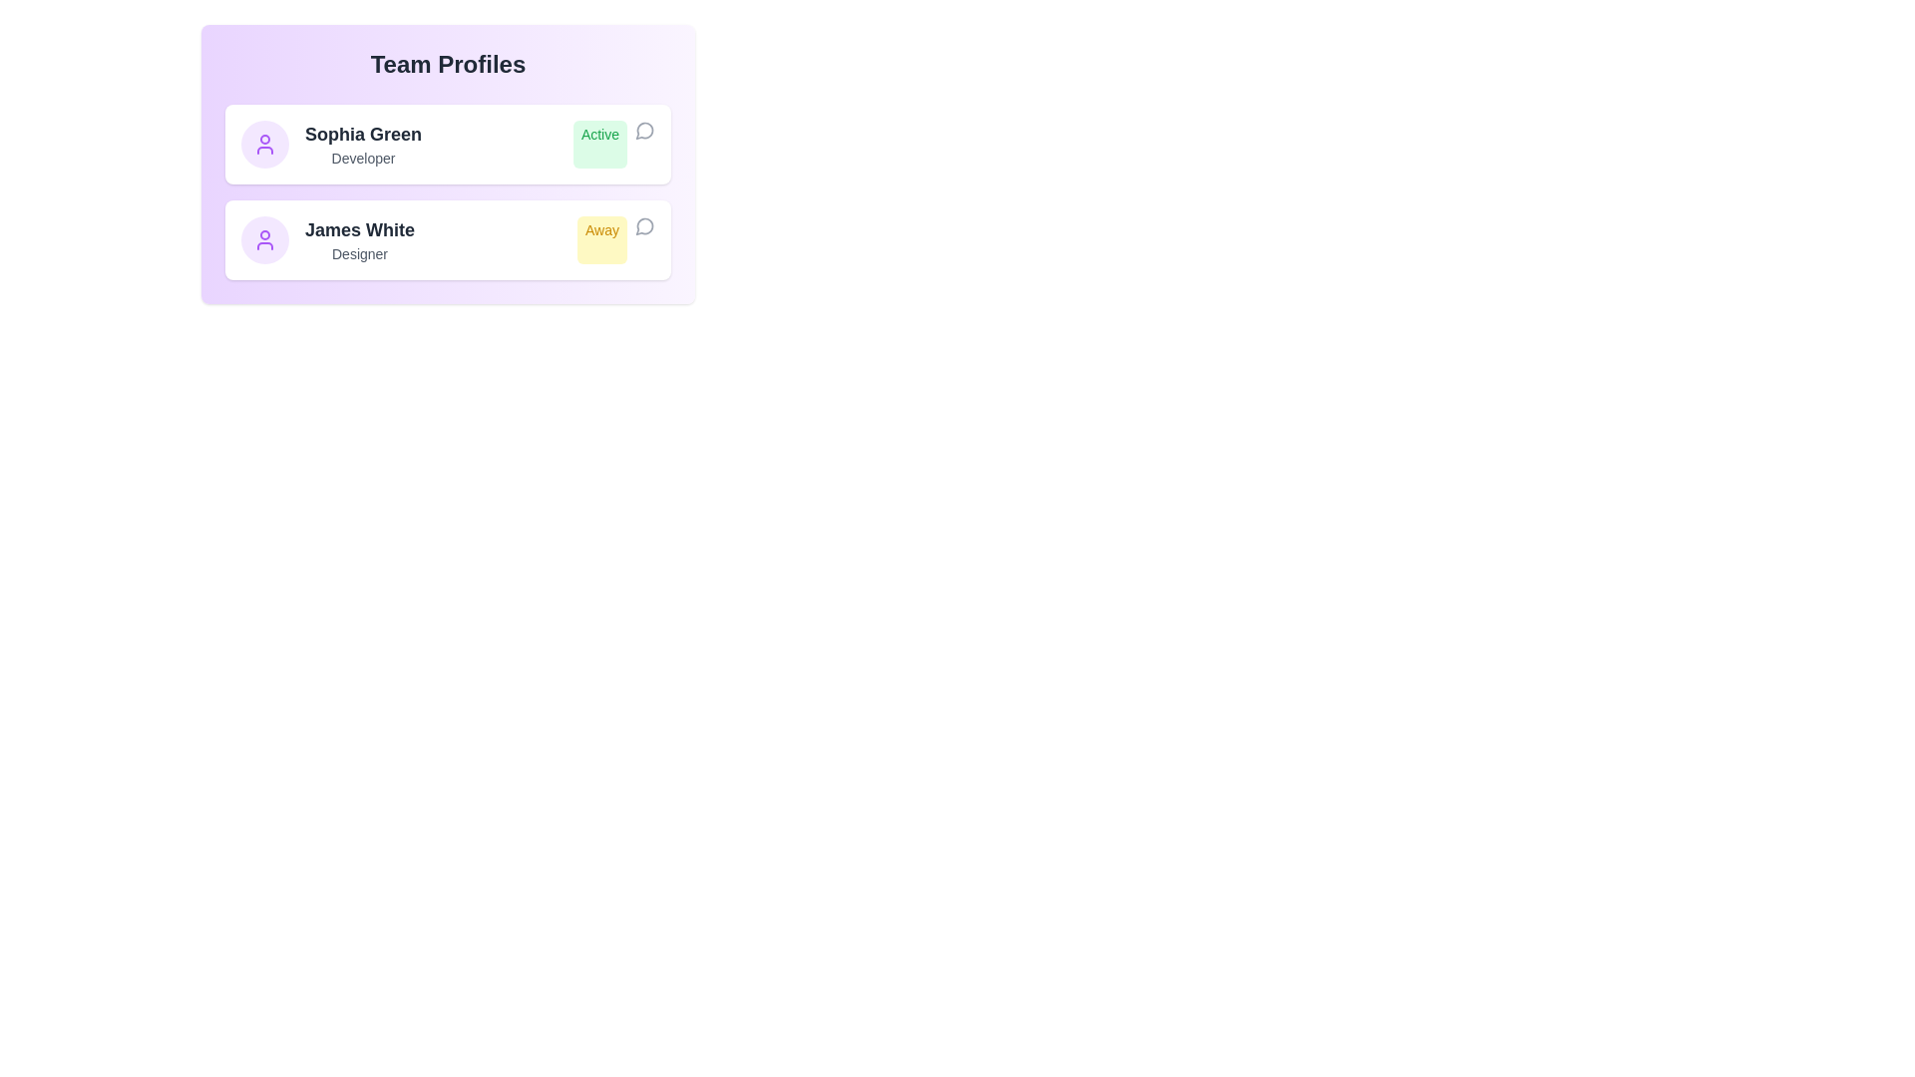  Describe the element at coordinates (601, 238) in the screenshot. I see `the Status badge displaying 'Away' in yellow on James White's profile card, which is a rectangular button-like component with rounded corners` at that location.